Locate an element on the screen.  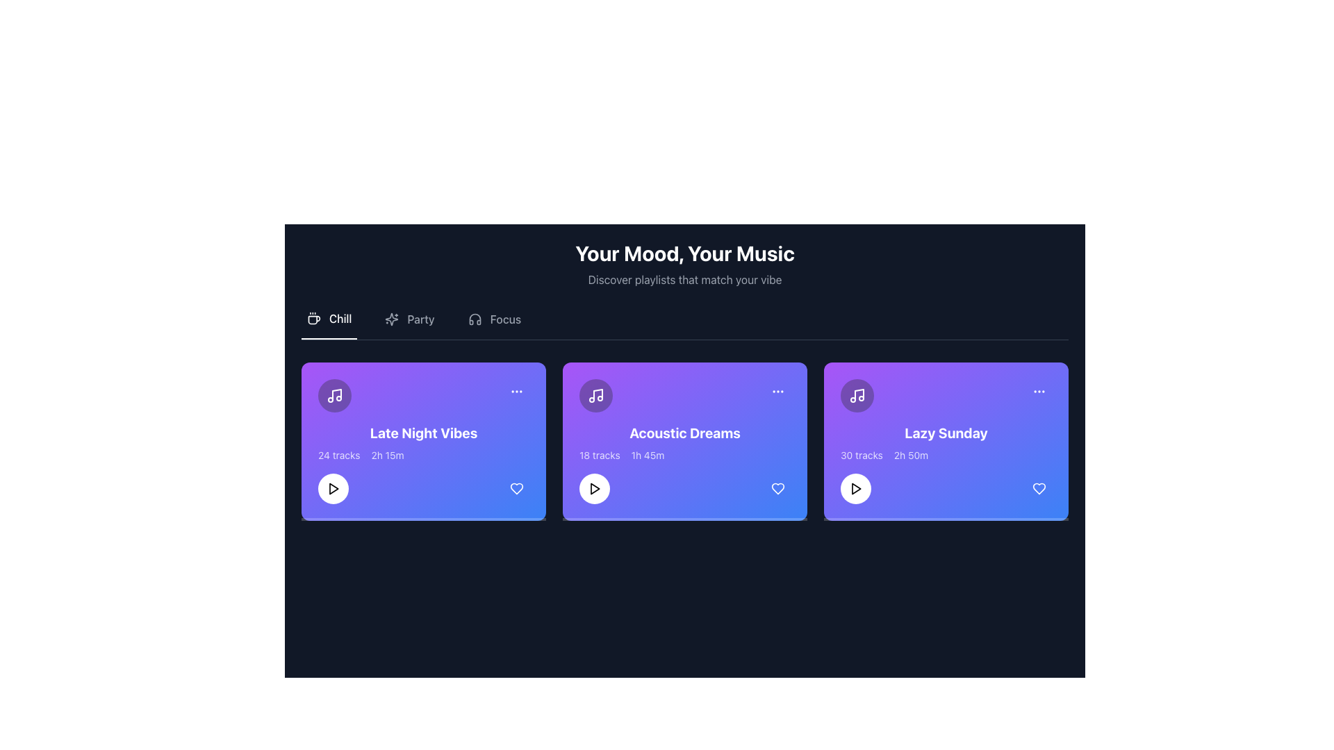
the heart-shaped icon at the bottom right corner of the 'Lazy Sunday' card to mark it as a favorite is located at coordinates (1039, 488).